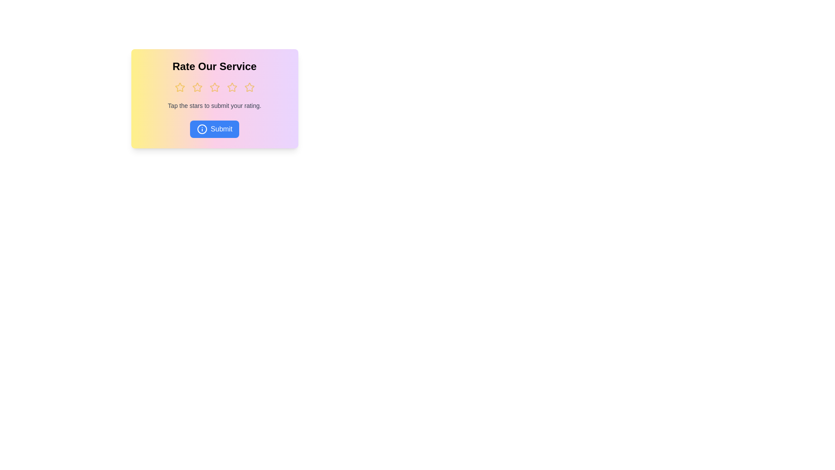 The width and height of the screenshot is (835, 470). I want to click on the star corresponding to the desired rating value 5, so click(249, 87).